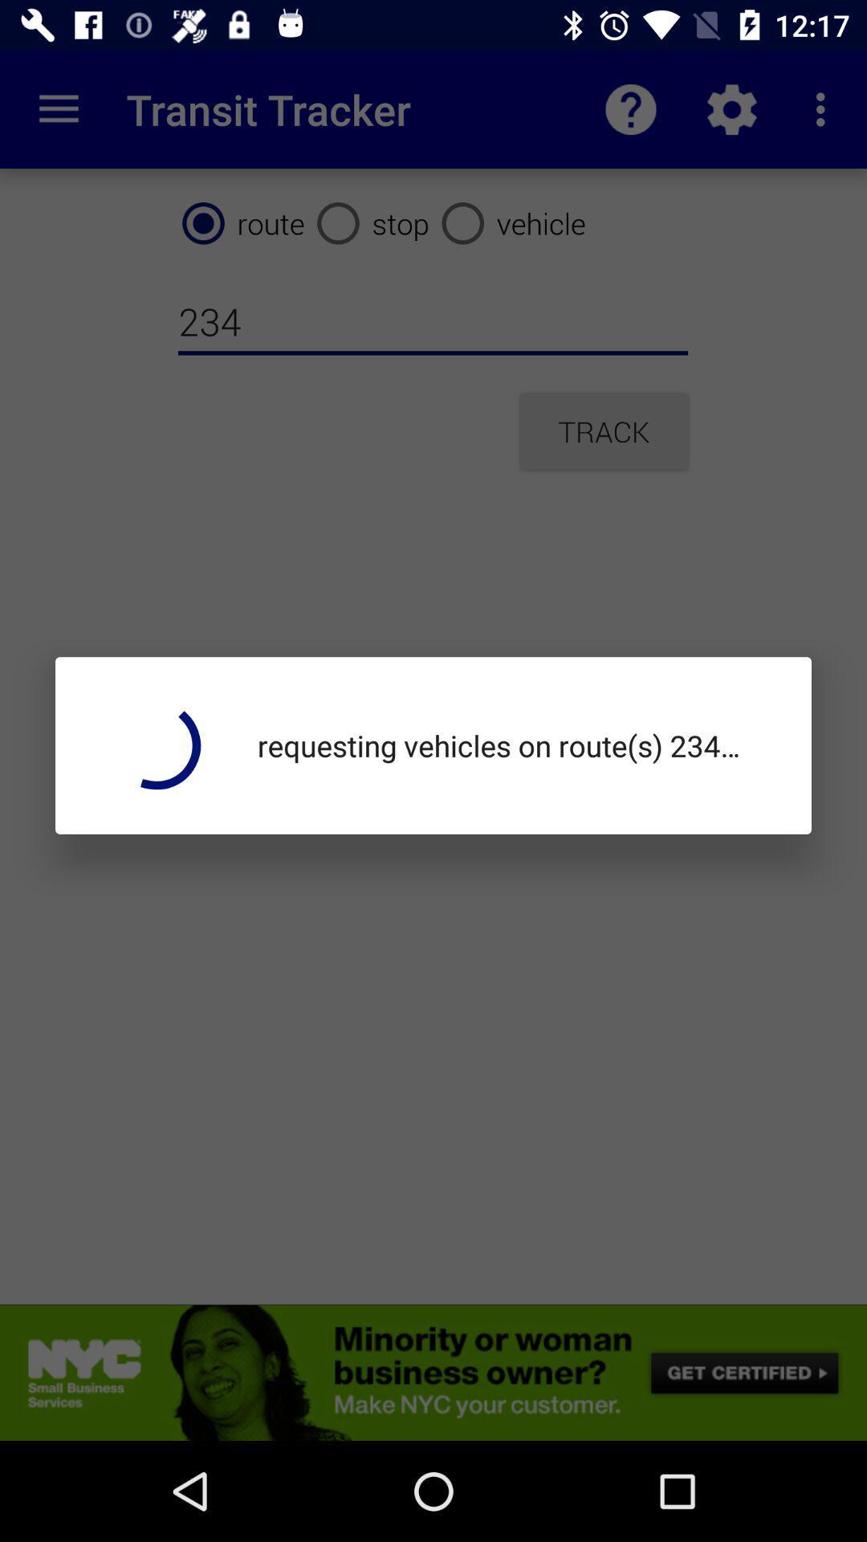 The height and width of the screenshot is (1542, 867). Describe the element at coordinates (433, 1372) in the screenshot. I see `open advert` at that location.